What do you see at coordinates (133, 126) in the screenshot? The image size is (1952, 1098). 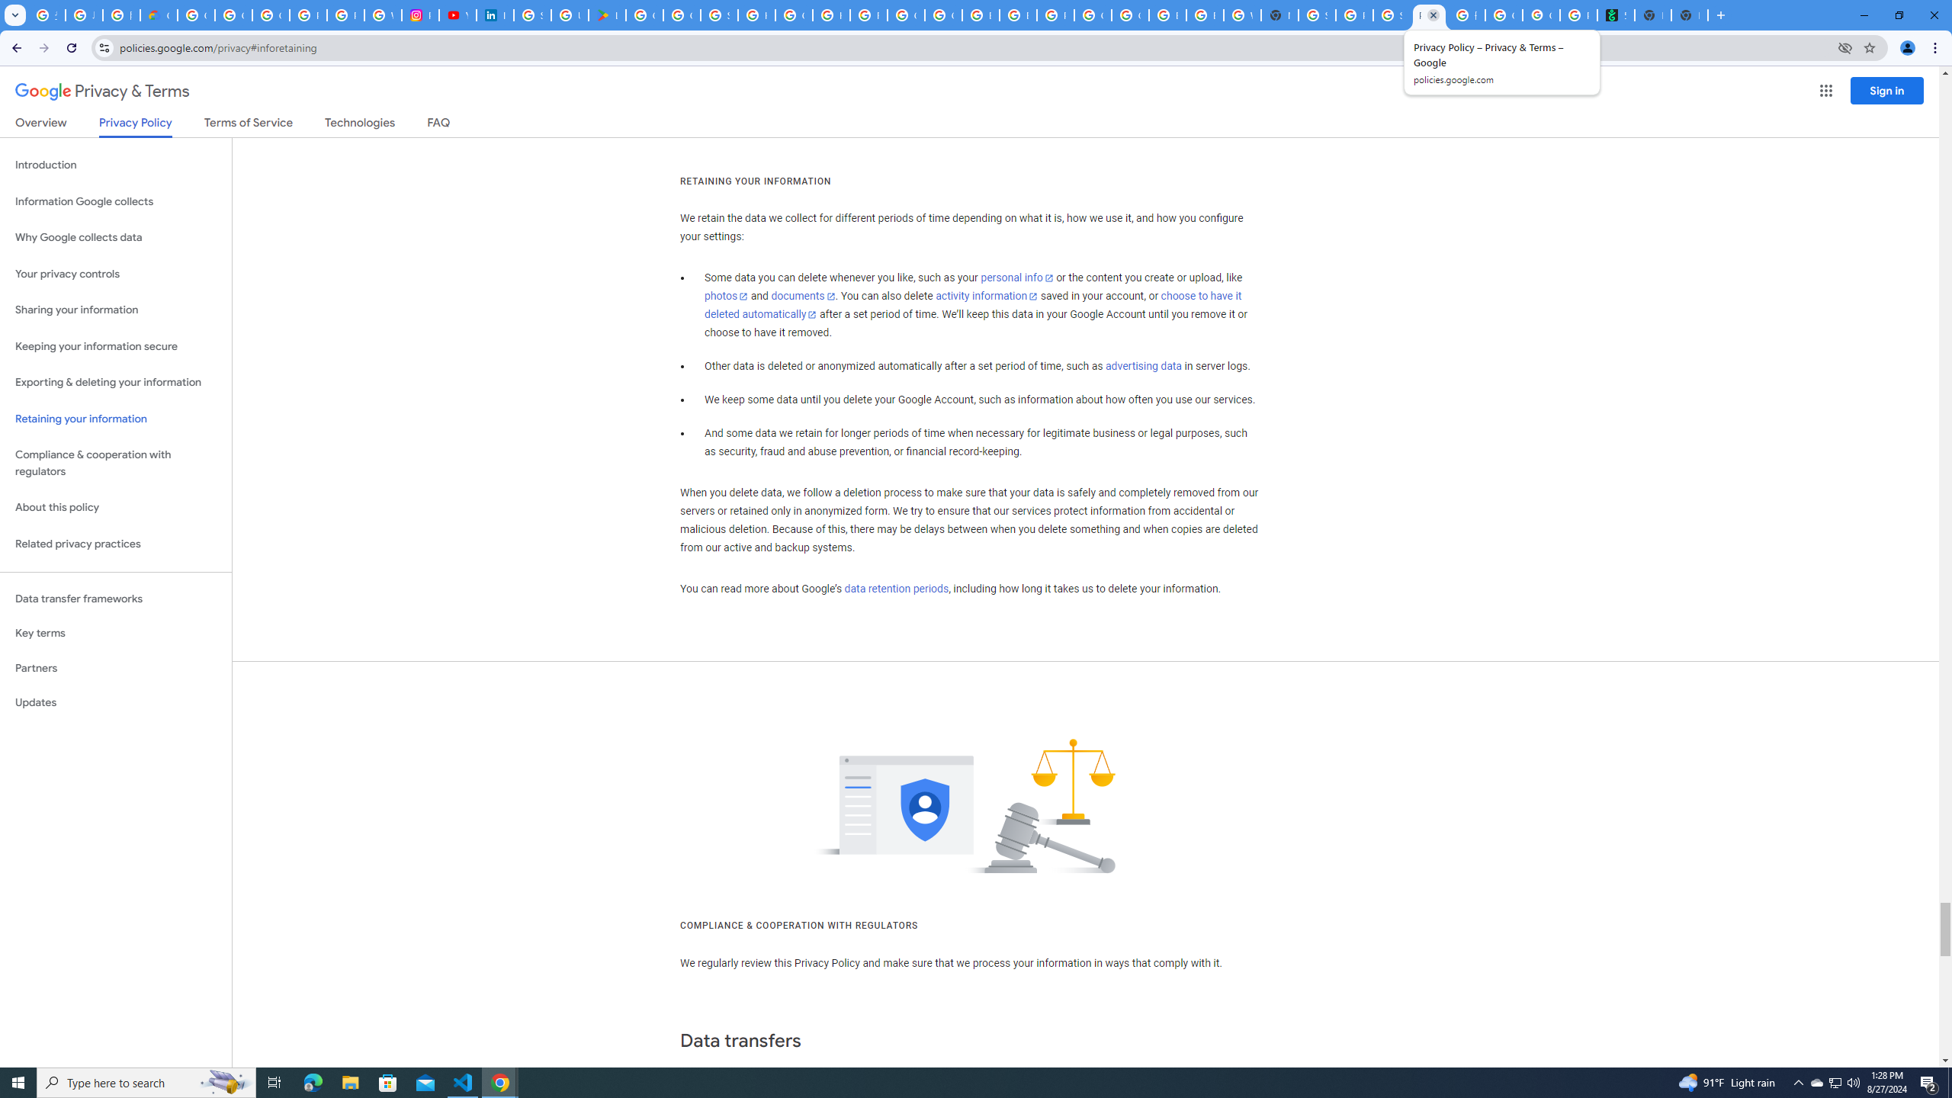 I see `'Privacy Policy'` at bounding box center [133, 126].